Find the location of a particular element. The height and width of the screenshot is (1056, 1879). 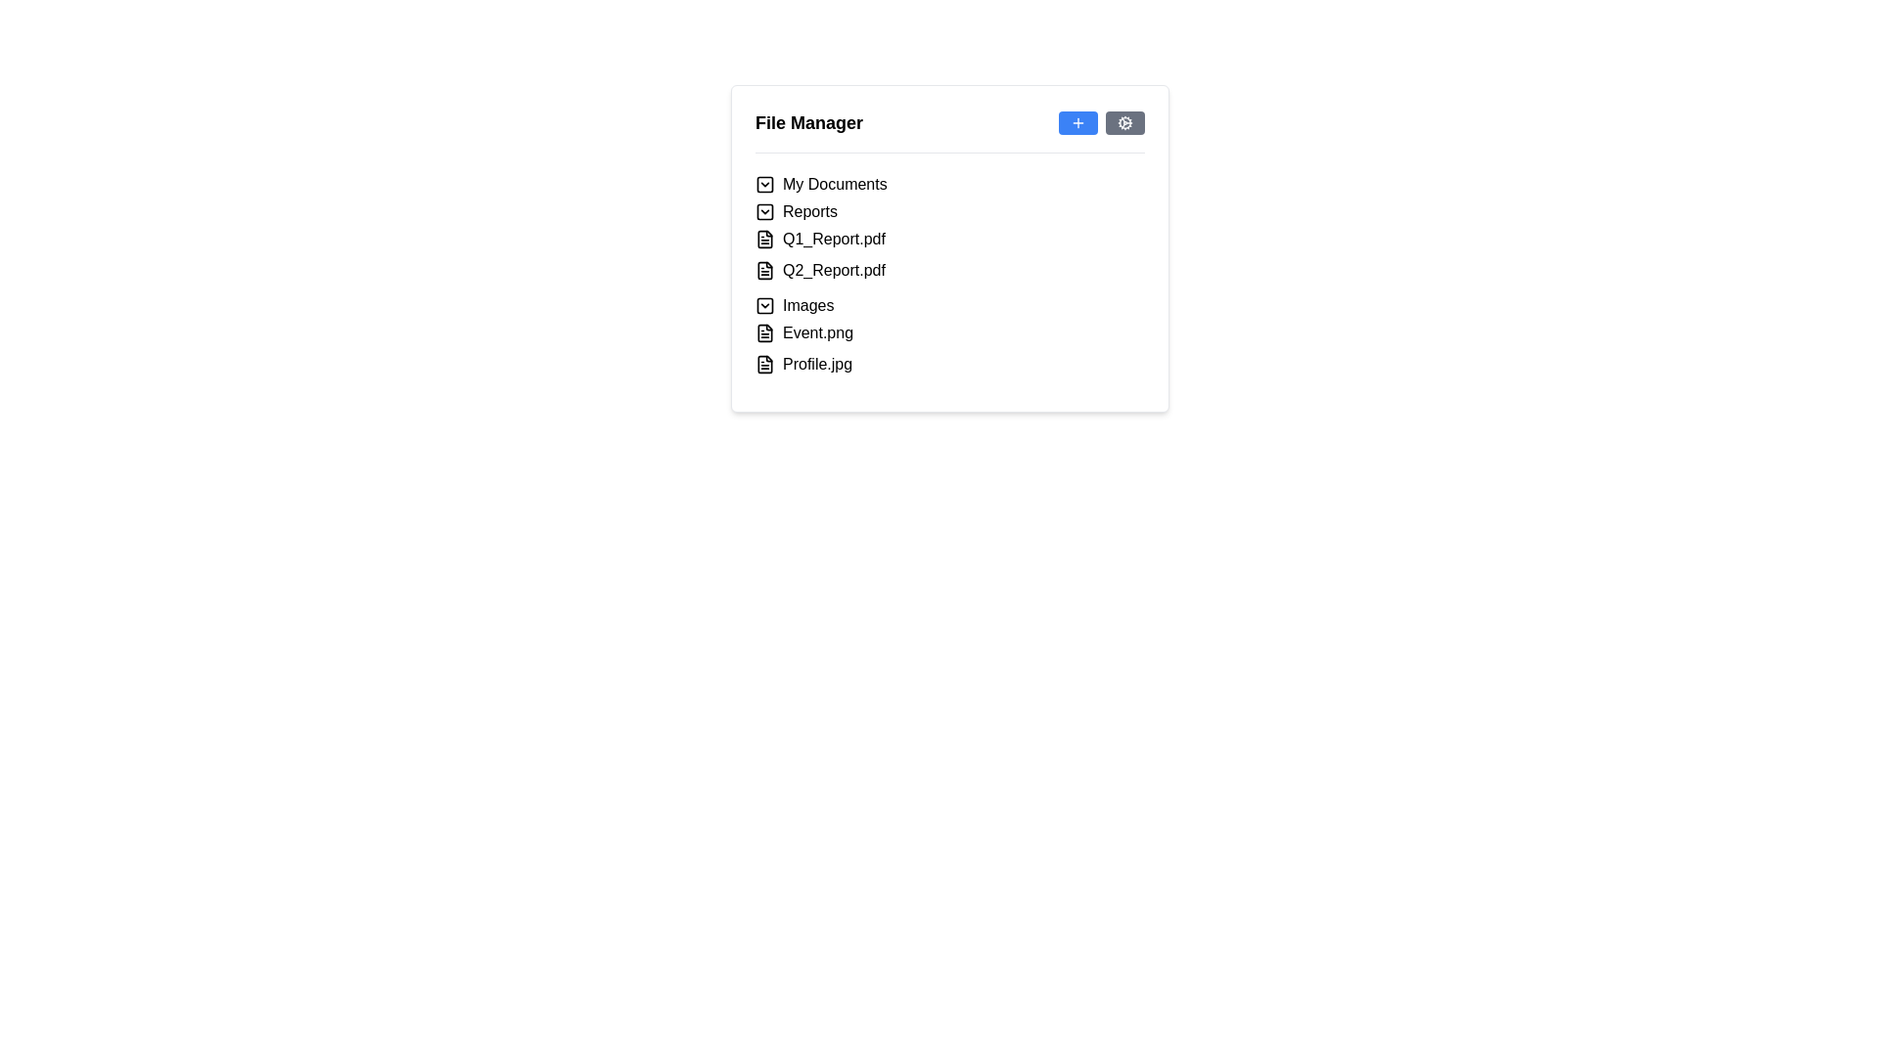

the 'Profile.jpg' file entry row is located at coordinates (949, 365).